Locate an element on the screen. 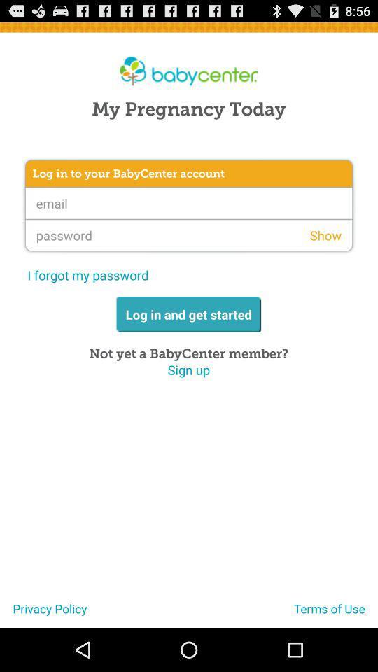 This screenshot has width=378, height=672. the icon above the privacy policy icon is located at coordinates (188, 369).